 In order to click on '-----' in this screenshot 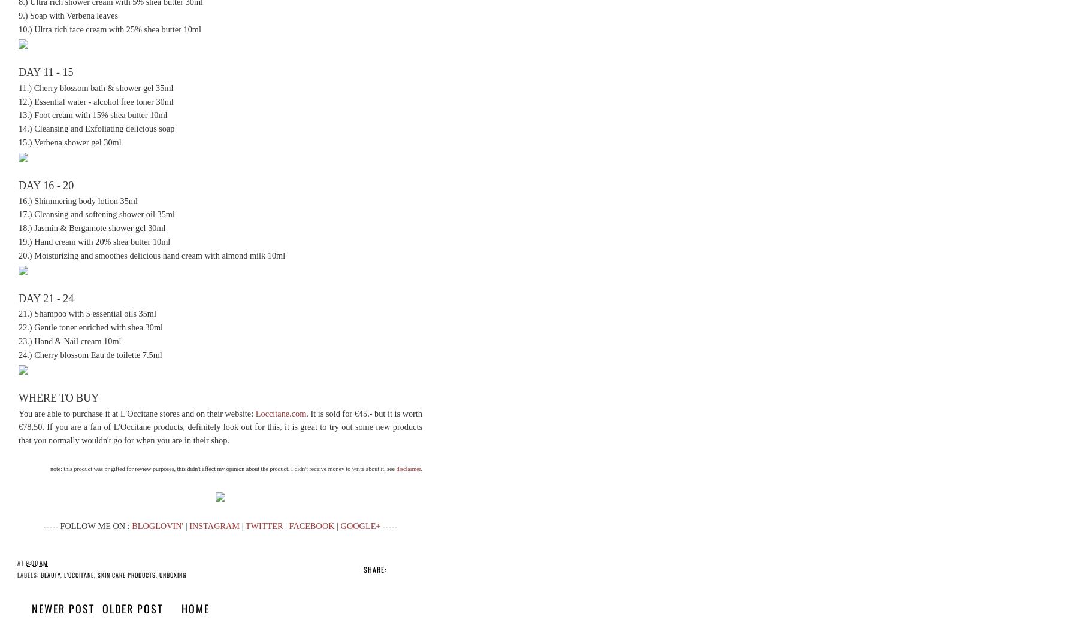, I will do `click(388, 525)`.